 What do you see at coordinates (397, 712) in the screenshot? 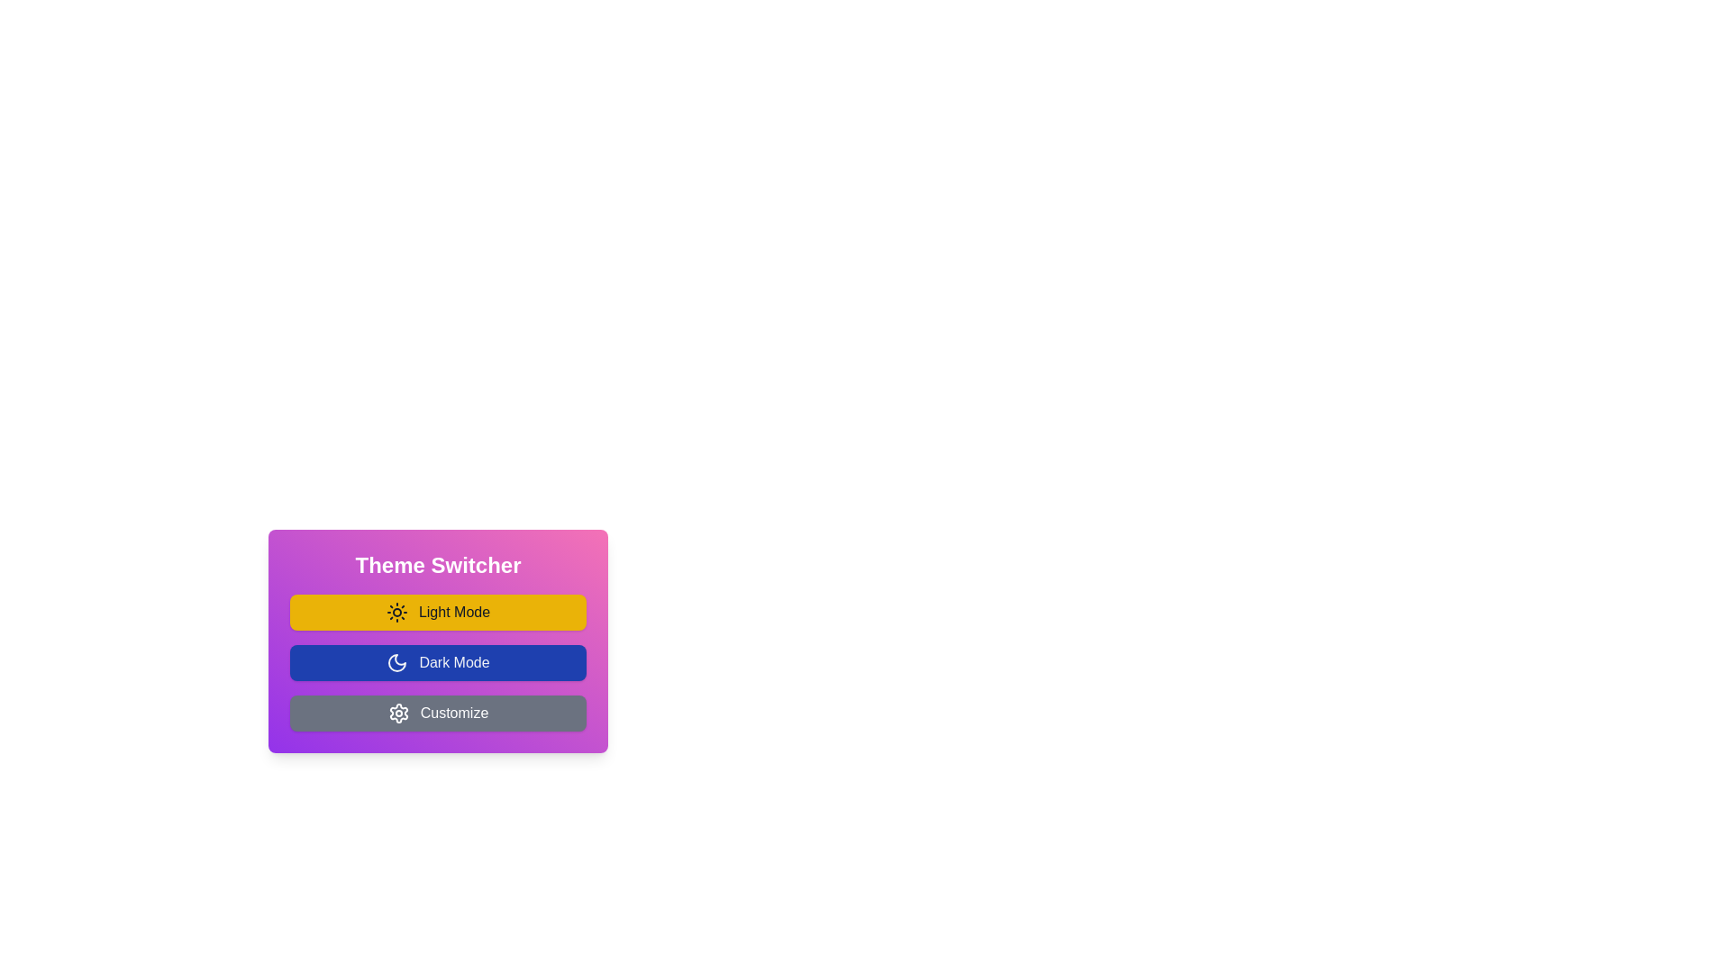
I see `the gear-like settings icon located to the left of the 'Customize' text` at bounding box center [397, 712].